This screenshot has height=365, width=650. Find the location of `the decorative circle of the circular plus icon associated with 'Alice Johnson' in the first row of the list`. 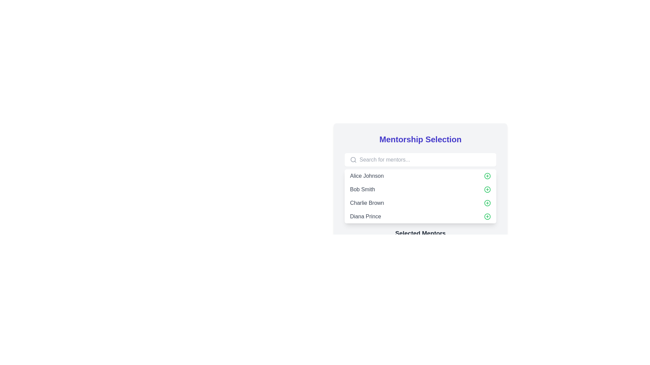

the decorative circle of the circular plus icon associated with 'Alice Johnson' in the first row of the list is located at coordinates (487, 175).